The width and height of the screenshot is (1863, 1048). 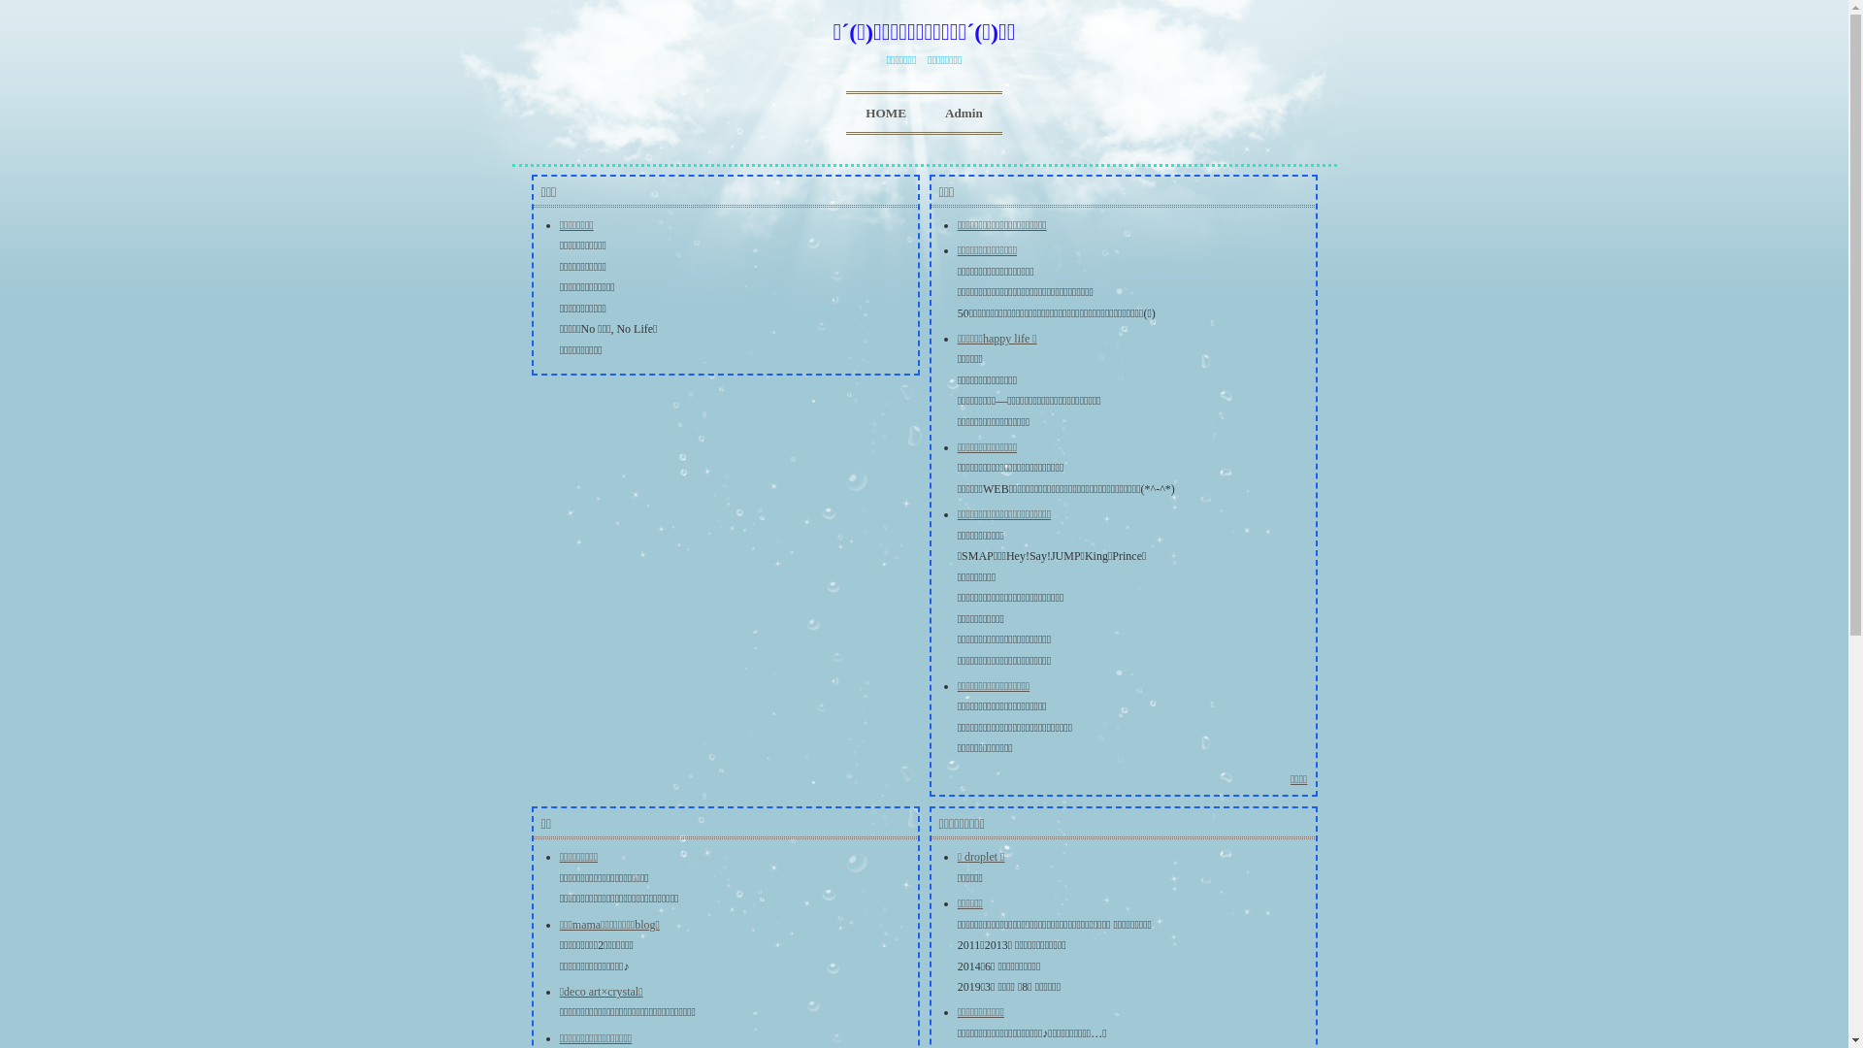 What do you see at coordinates (964, 113) in the screenshot?
I see `'Admin'` at bounding box center [964, 113].